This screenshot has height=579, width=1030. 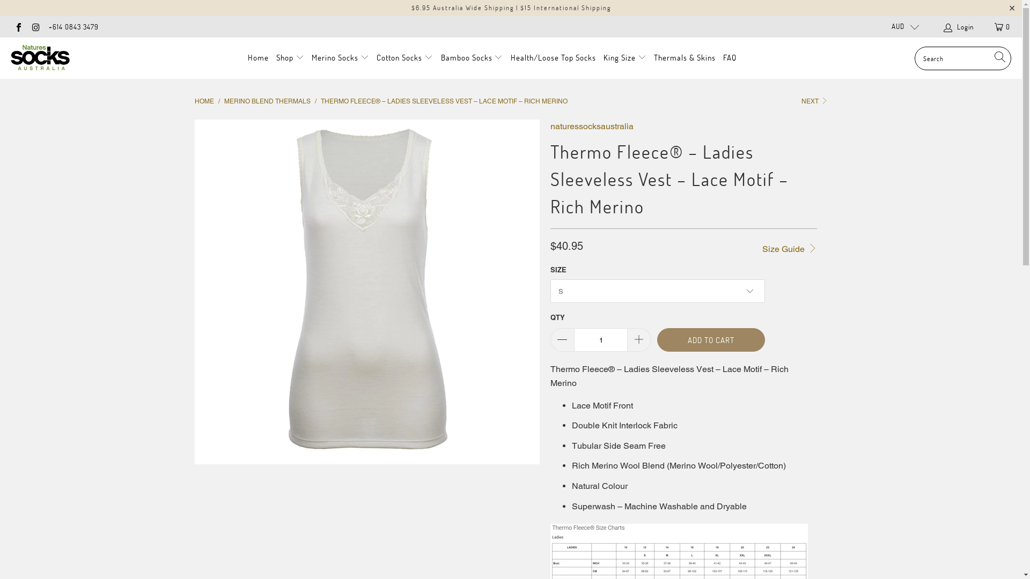 What do you see at coordinates (901, 26) in the screenshot?
I see `'AUD'` at bounding box center [901, 26].